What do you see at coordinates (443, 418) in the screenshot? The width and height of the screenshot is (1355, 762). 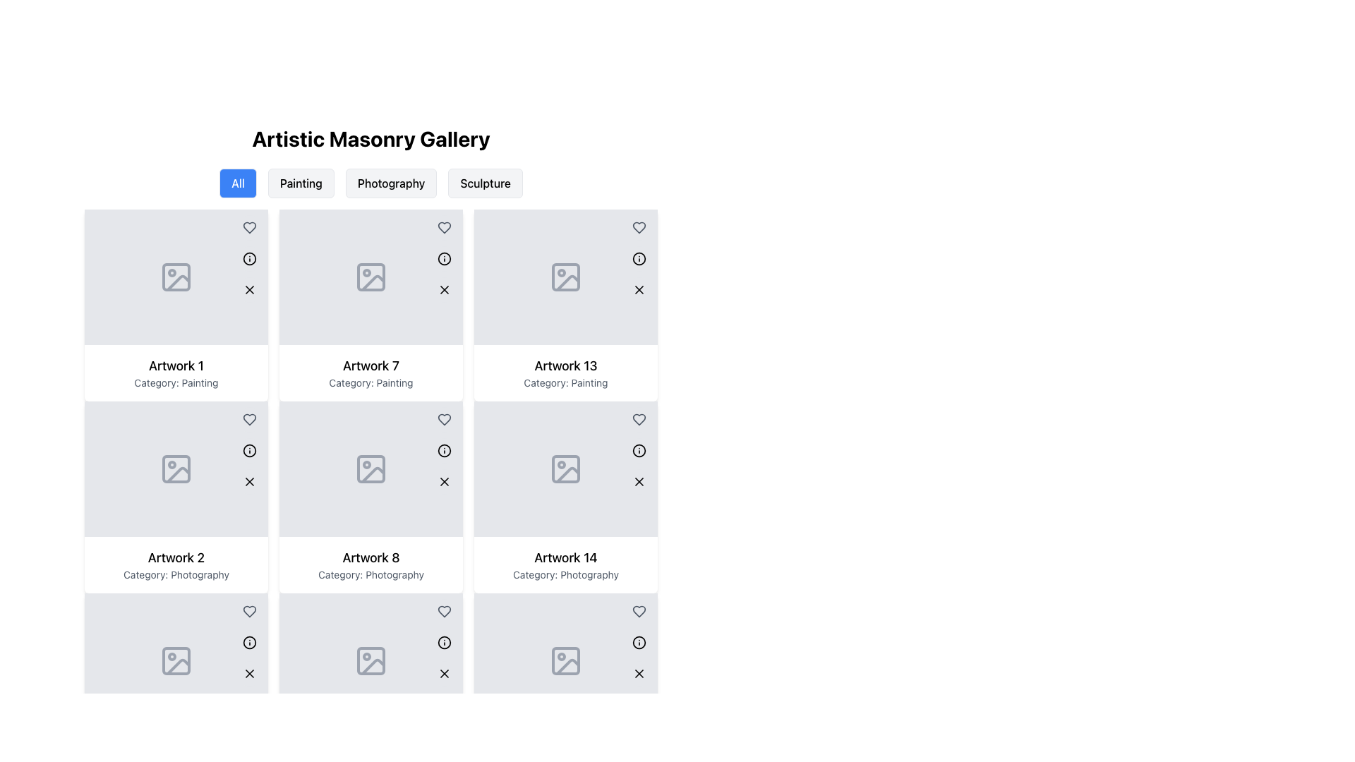 I see `the heart icon in the top-left corner of 'Artwork 8' to favorite the item` at bounding box center [443, 418].